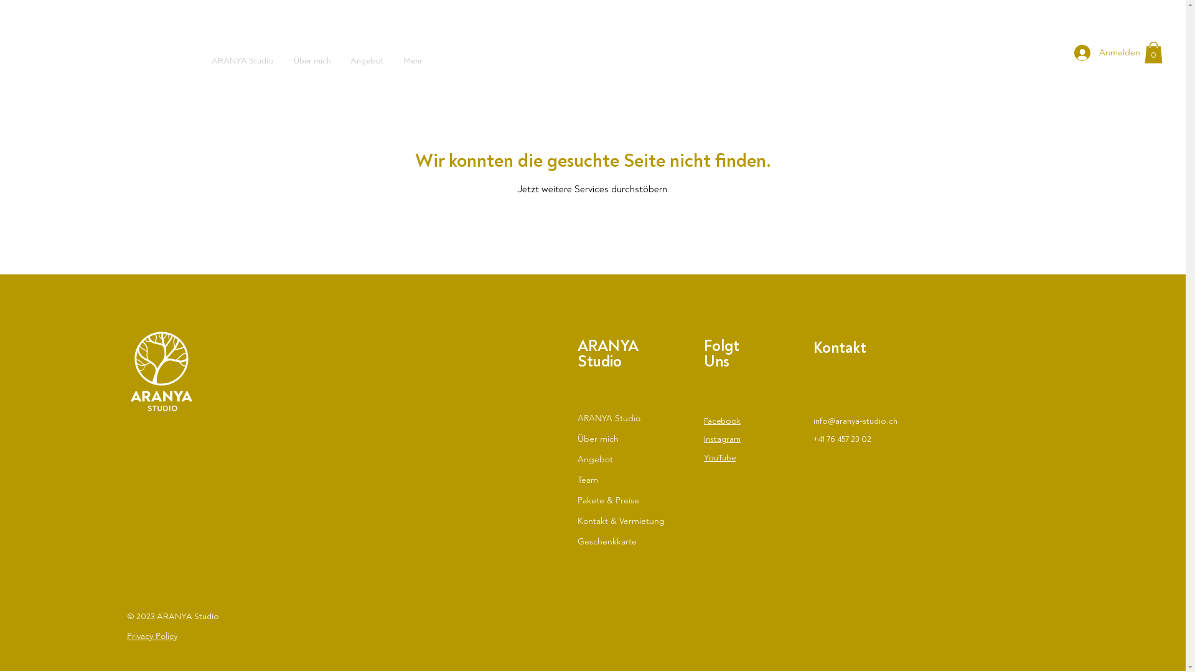 This screenshot has height=672, width=1195. I want to click on '0', so click(1153, 52).